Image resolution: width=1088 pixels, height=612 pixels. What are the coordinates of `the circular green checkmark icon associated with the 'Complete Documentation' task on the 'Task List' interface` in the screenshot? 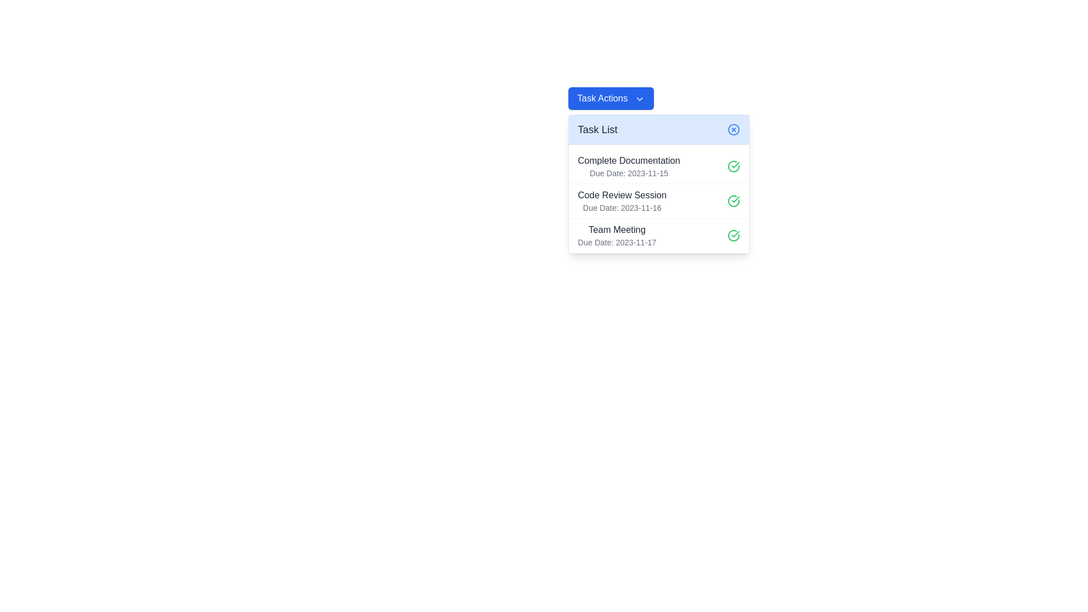 It's located at (733, 166).